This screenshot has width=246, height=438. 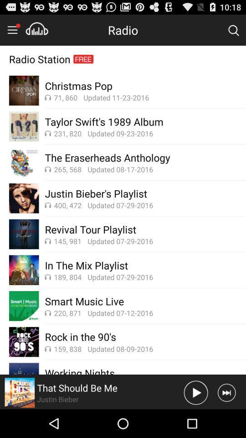 I want to click on sound, so click(x=195, y=392).